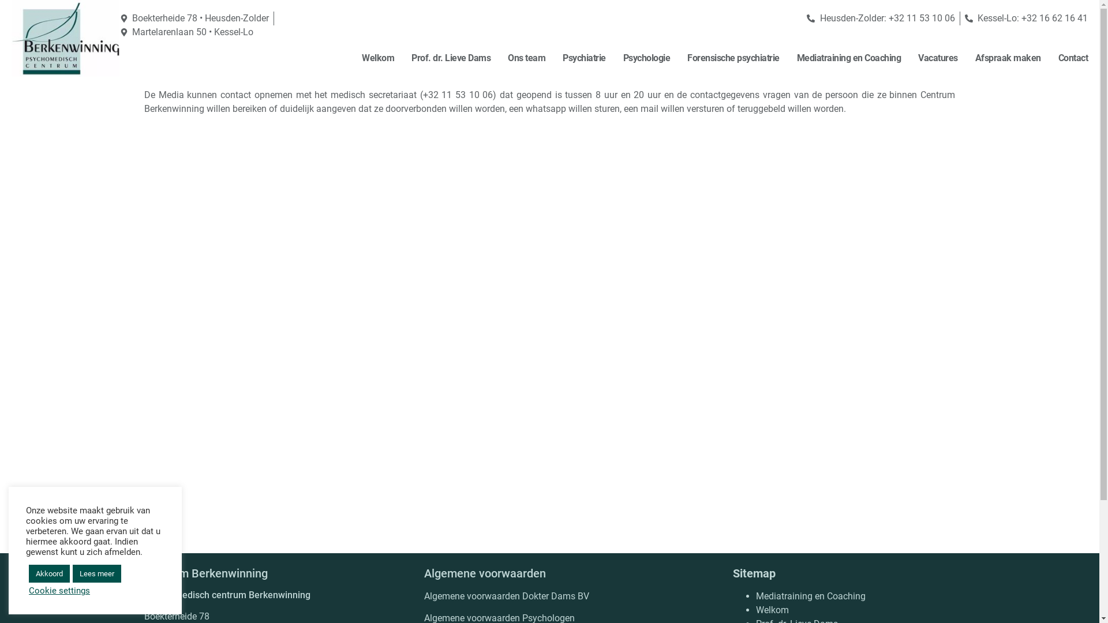 The height and width of the screenshot is (623, 1108). Describe the element at coordinates (526, 58) in the screenshot. I see `'Ons team'` at that location.